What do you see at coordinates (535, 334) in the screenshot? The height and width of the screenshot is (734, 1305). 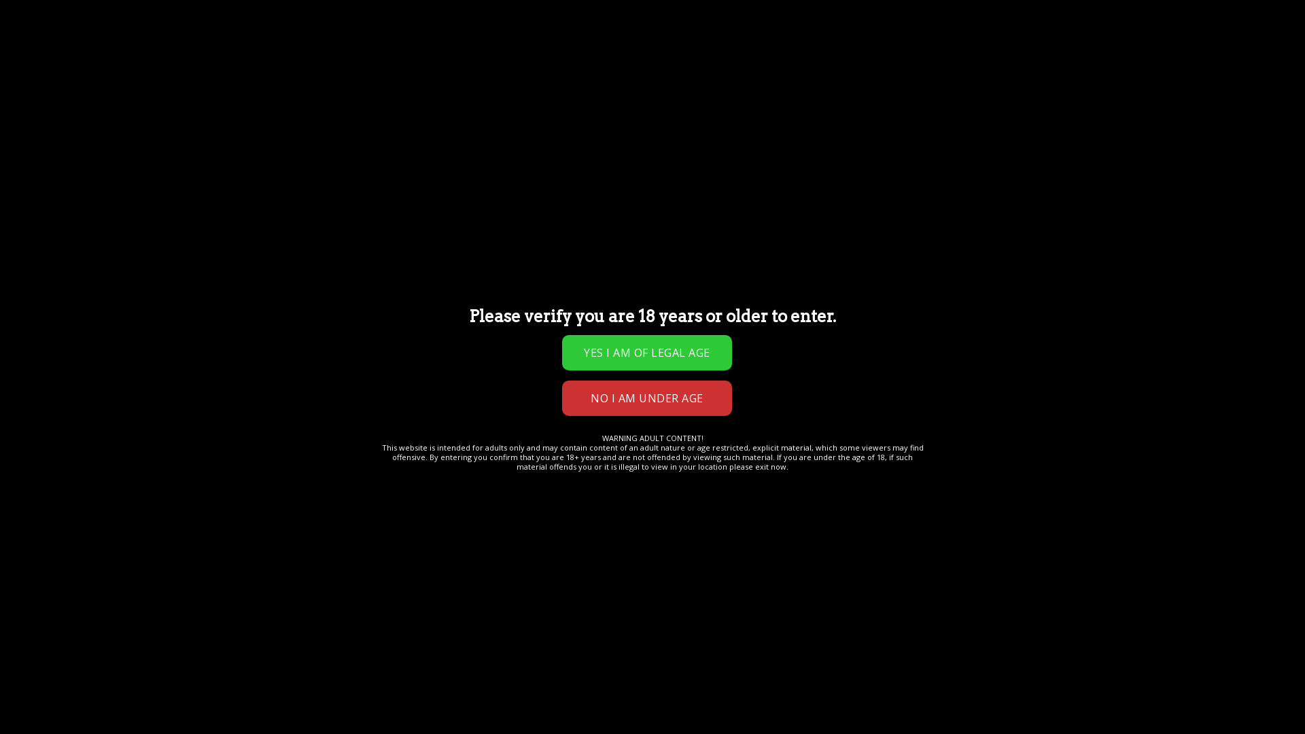 I see `'Packing Rods'` at bounding box center [535, 334].